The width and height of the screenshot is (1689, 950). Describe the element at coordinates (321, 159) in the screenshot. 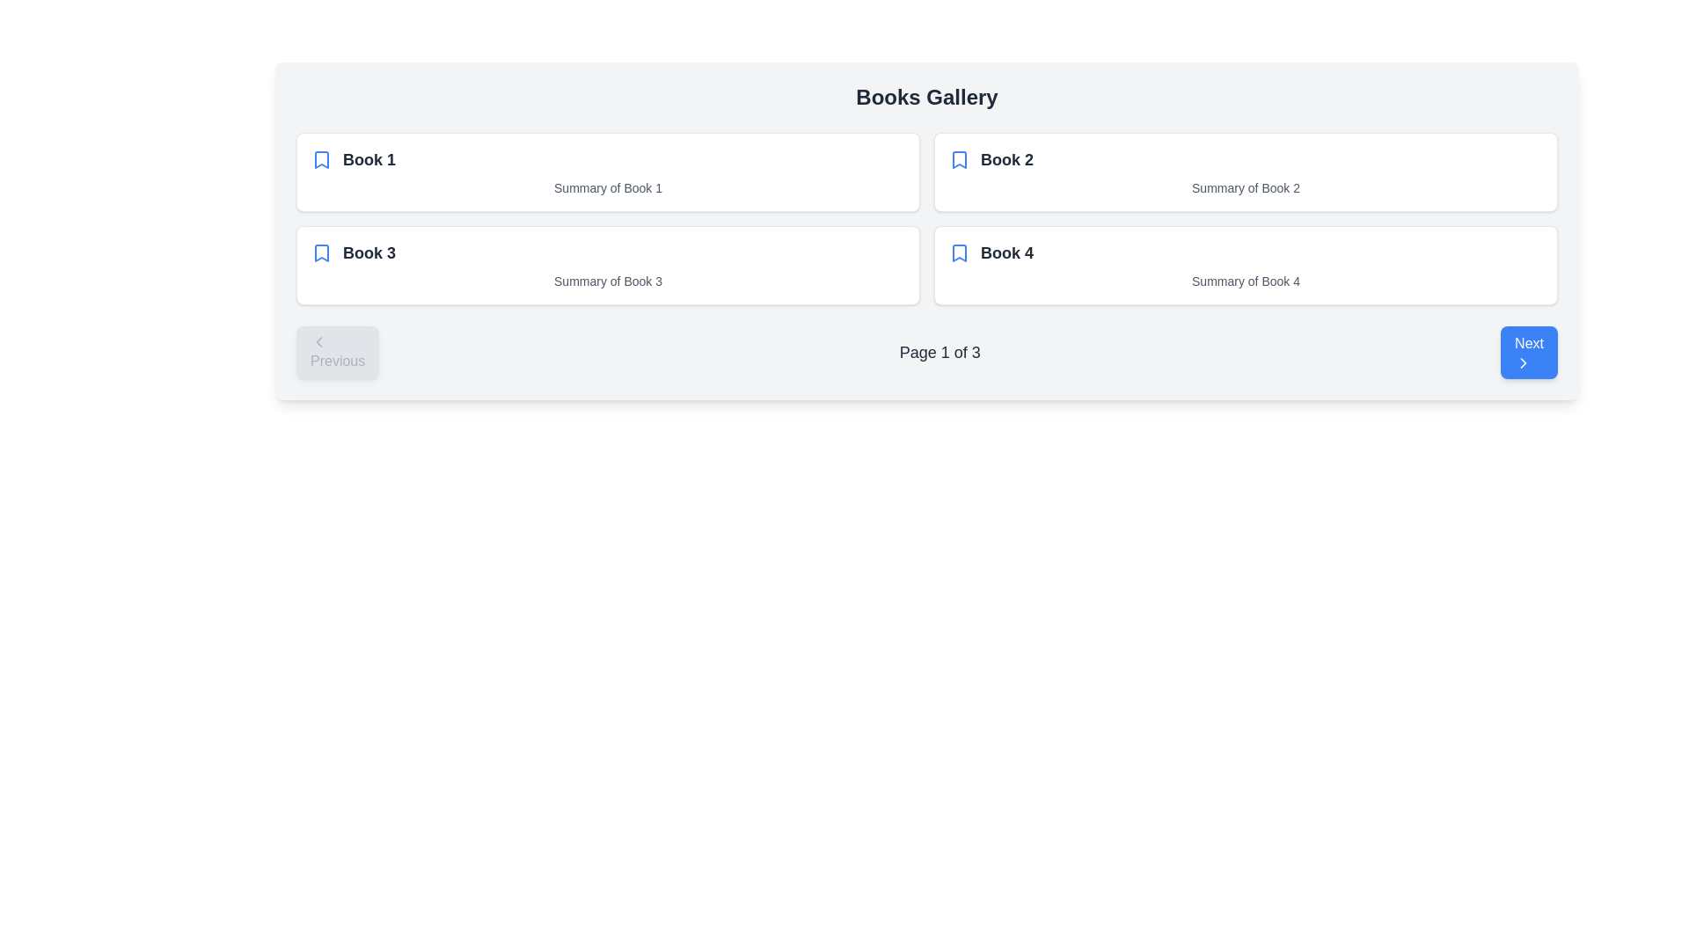

I see `the blue bookmark icon located on the left side of the 'Book 1' text label within the 'Books Gallery'` at that location.